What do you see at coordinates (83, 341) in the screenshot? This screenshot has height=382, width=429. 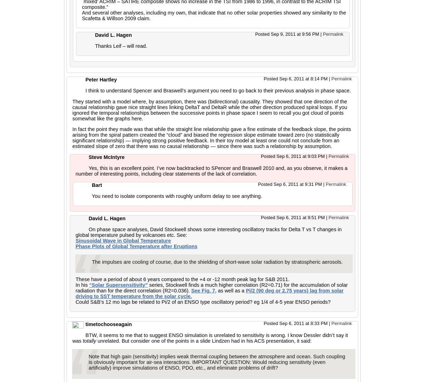 I see `'totally'` at bounding box center [83, 341].